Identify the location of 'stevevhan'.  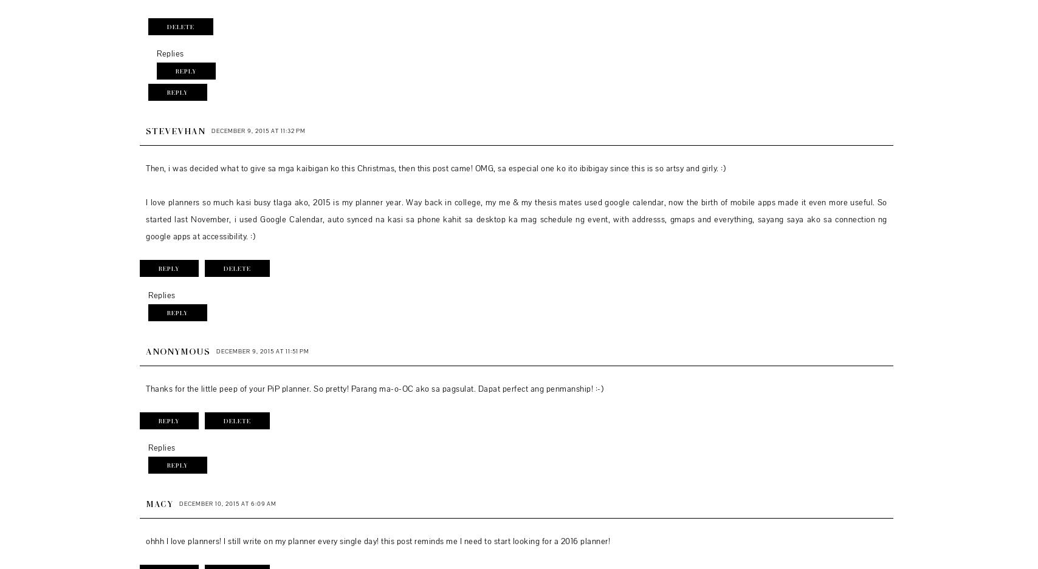
(175, 130).